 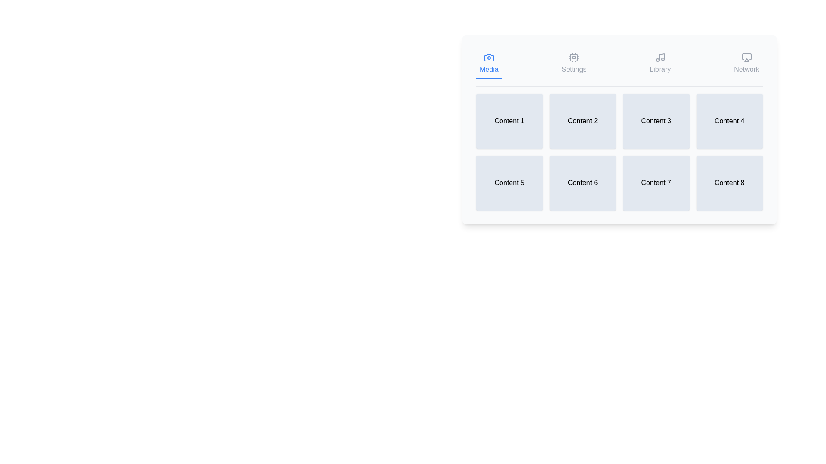 What do you see at coordinates (489, 64) in the screenshot?
I see `the tab icon labeled Media to observe the tooltip or feedback` at bounding box center [489, 64].